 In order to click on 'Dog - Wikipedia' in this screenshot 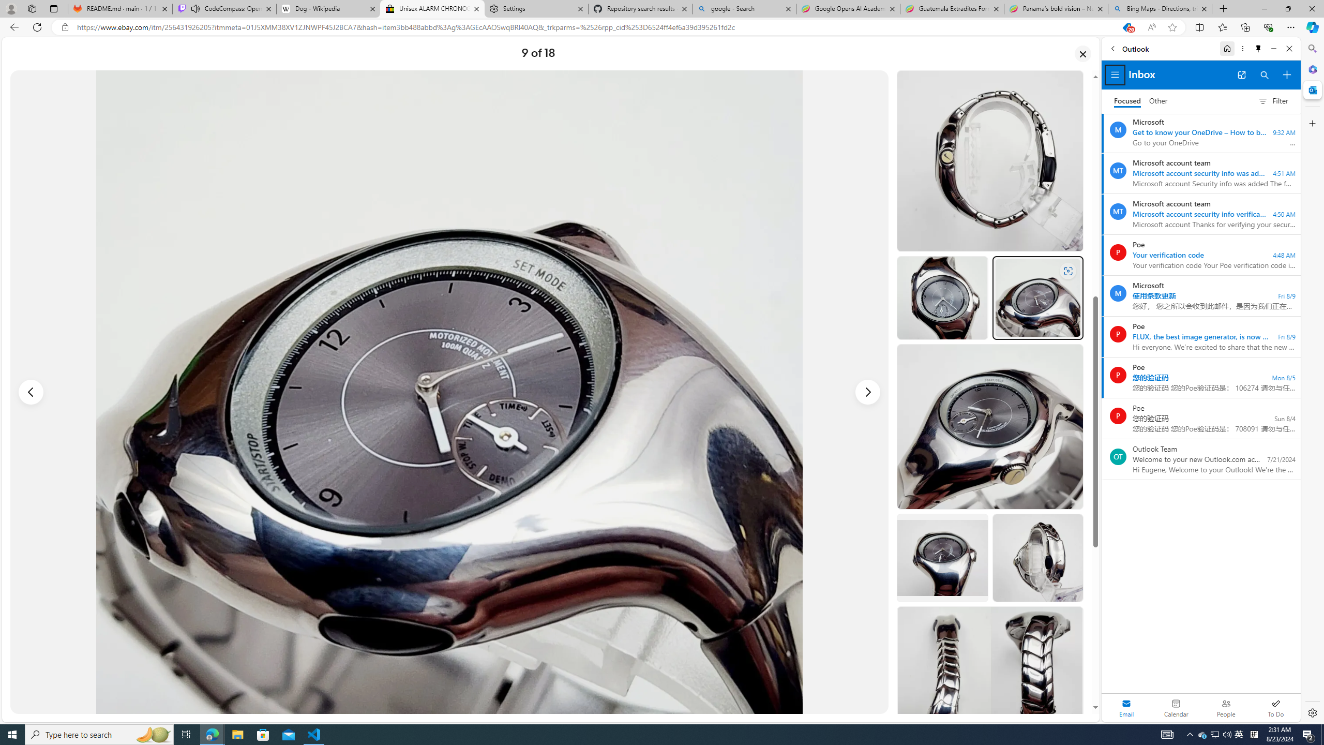, I will do `click(327, 8)`.